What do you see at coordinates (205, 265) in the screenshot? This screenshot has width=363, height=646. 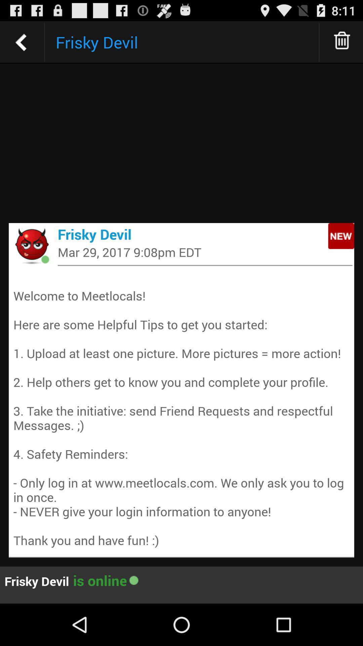 I see `the icon above the welcome to meetlocals item` at bounding box center [205, 265].